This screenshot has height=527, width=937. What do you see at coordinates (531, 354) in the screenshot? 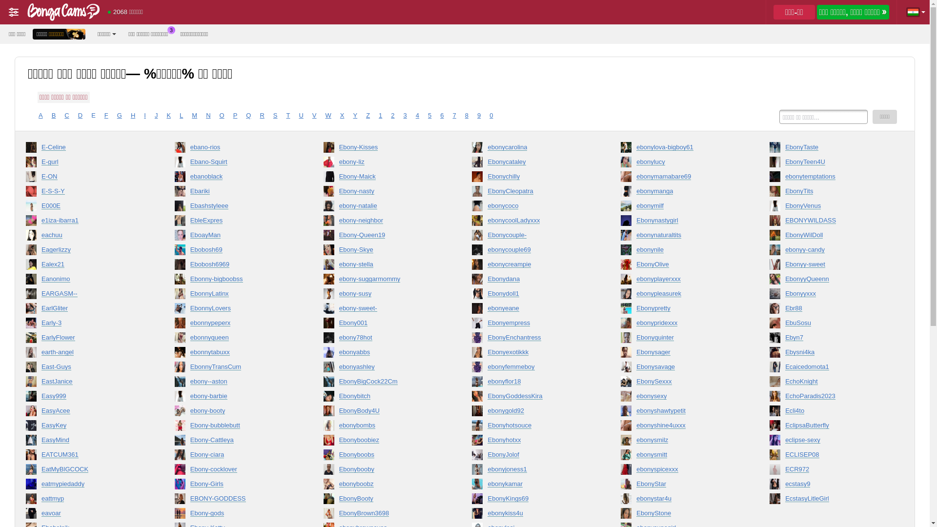
I see `'Ebonyexotikkk'` at bounding box center [531, 354].